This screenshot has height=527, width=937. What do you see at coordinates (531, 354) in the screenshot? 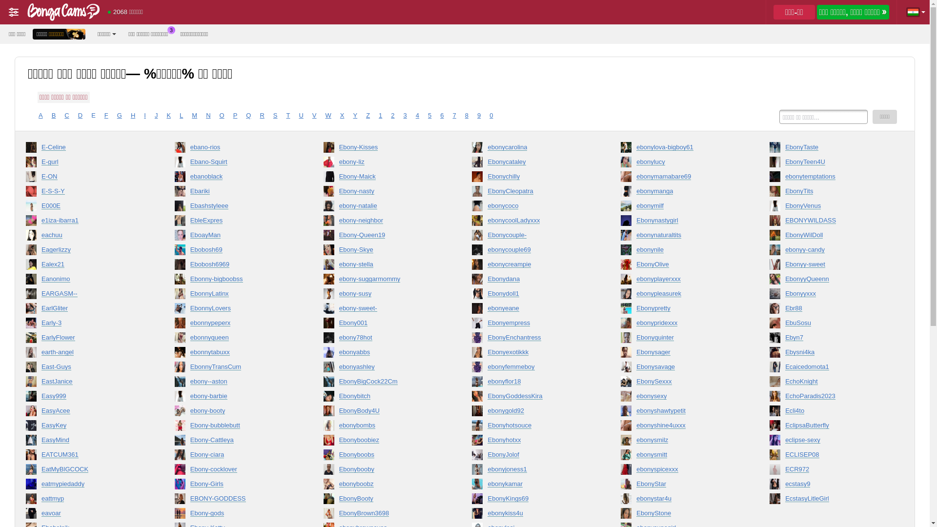
I see `'Ebonyexotikkk'` at bounding box center [531, 354].